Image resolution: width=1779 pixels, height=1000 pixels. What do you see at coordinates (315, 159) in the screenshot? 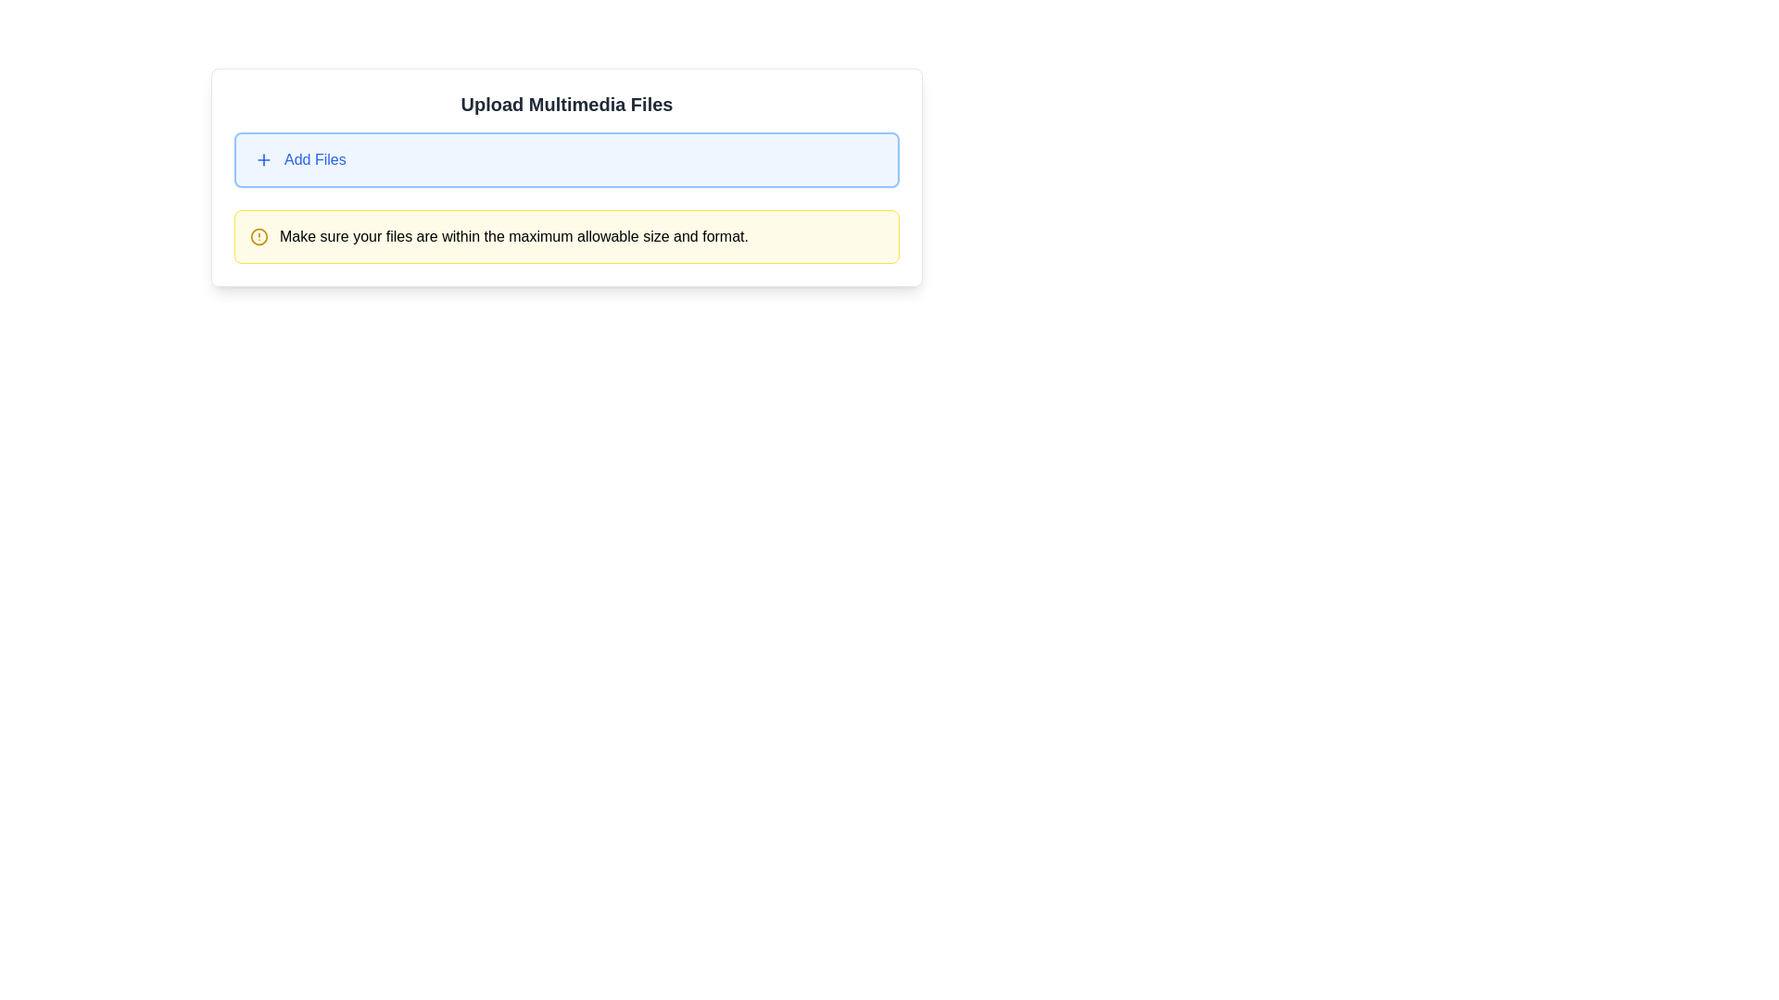
I see `the 'Add Files' text label, which is styled in blue and bold, located next to the '+' icon within the 'Upload Multimedia Files' section` at bounding box center [315, 159].